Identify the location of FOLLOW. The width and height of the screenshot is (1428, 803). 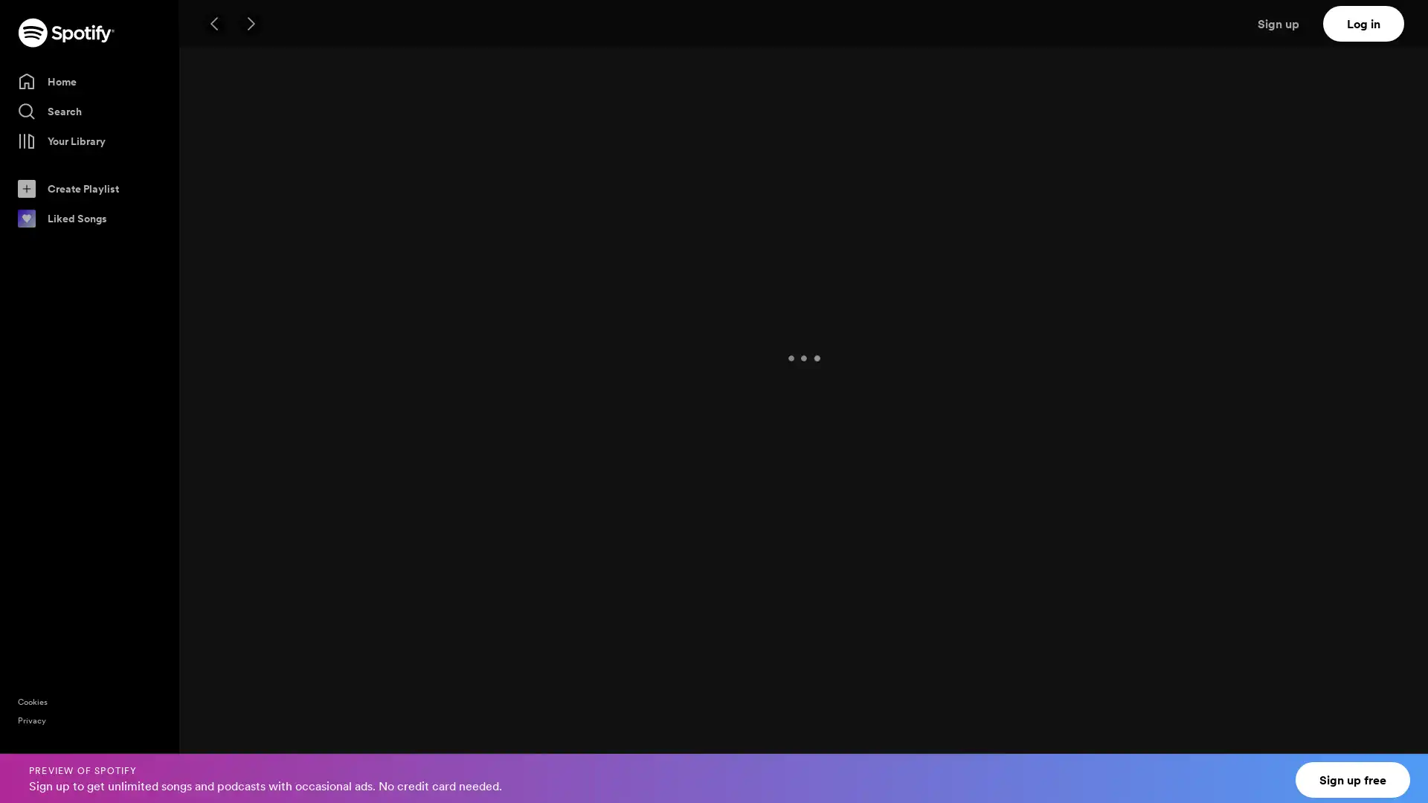
(236, 283).